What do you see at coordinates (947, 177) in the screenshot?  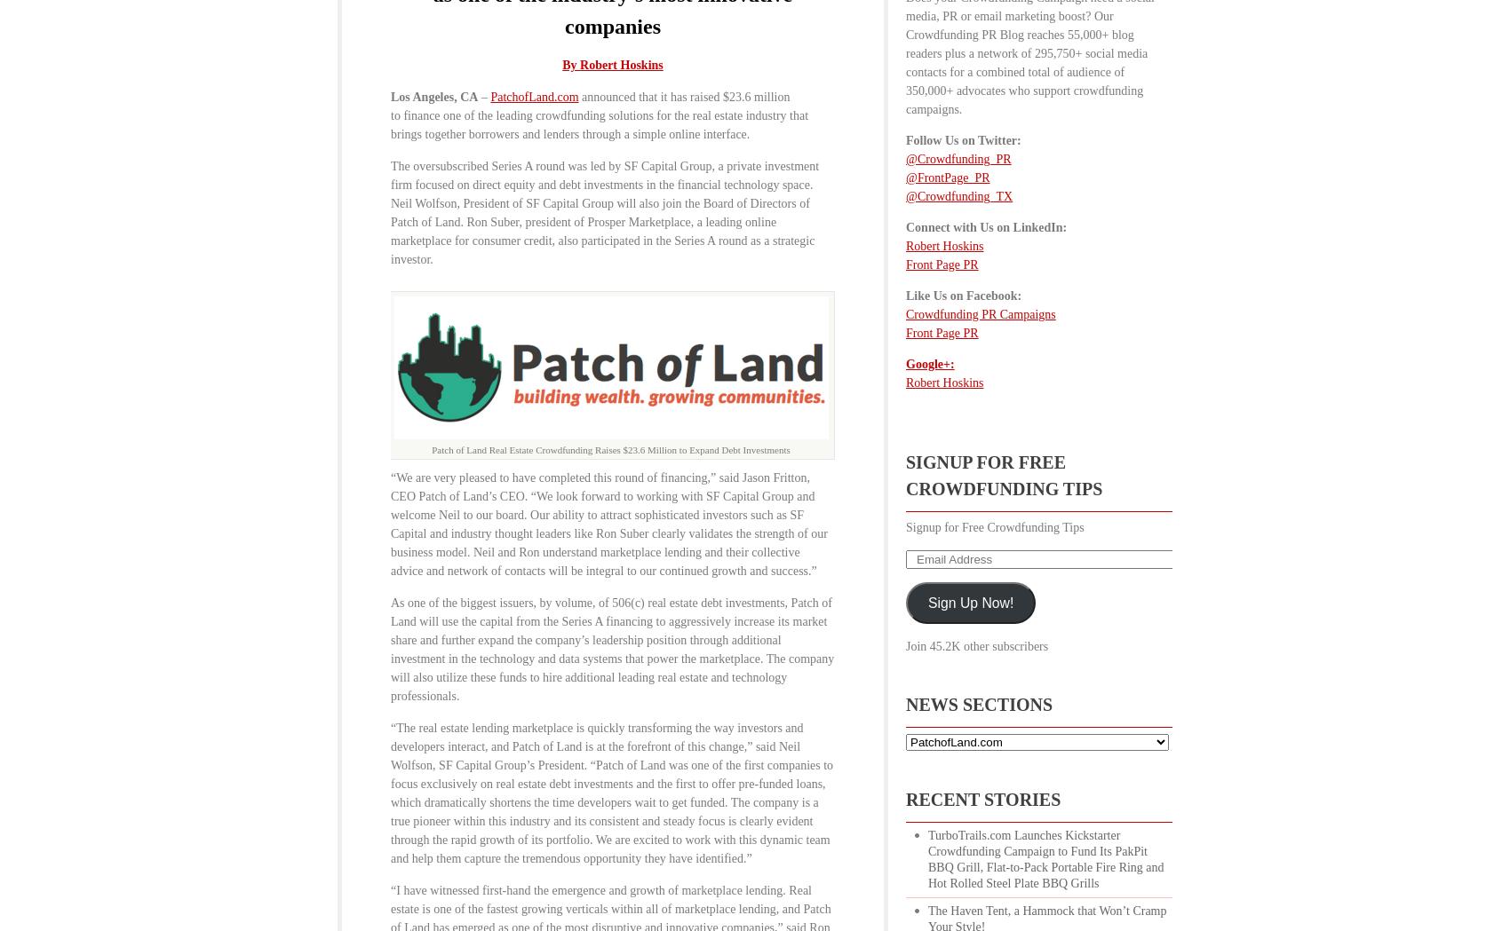 I see `'@FrontPage_PR'` at bounding box center [947, 177].